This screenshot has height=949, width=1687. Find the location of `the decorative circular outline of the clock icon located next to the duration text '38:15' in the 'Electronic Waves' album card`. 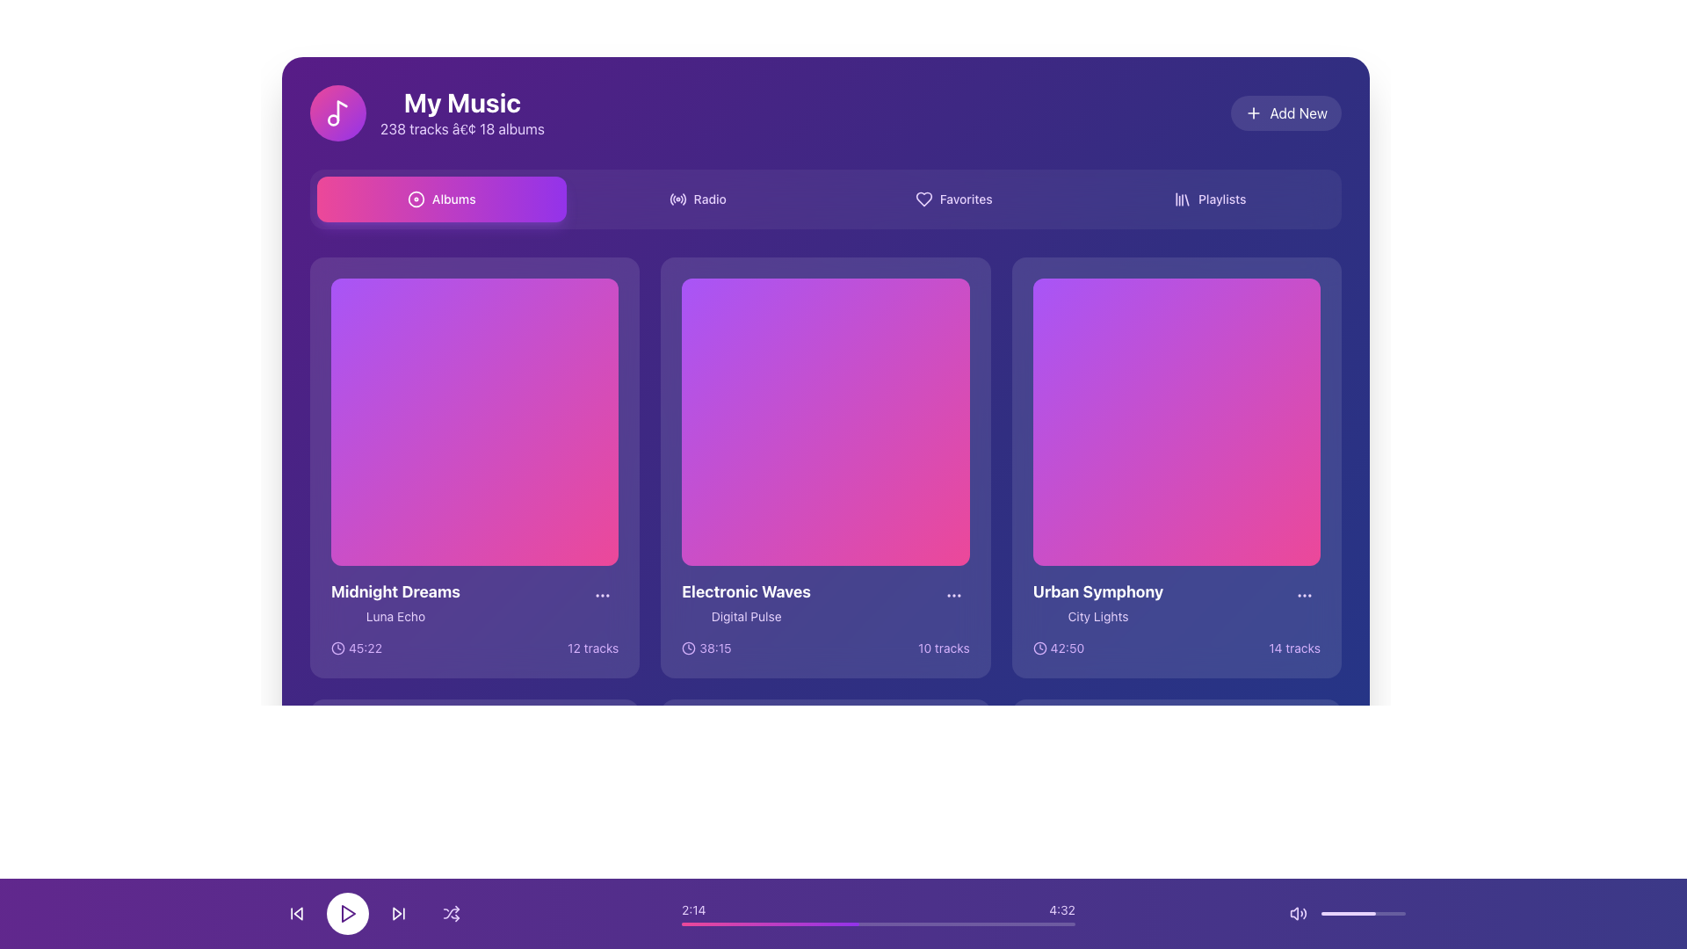

the decorative circular outline of the clock icon located next to the duration text '38:15' in the 'Electronic Waves' album card is located at coordinates (688, 648).